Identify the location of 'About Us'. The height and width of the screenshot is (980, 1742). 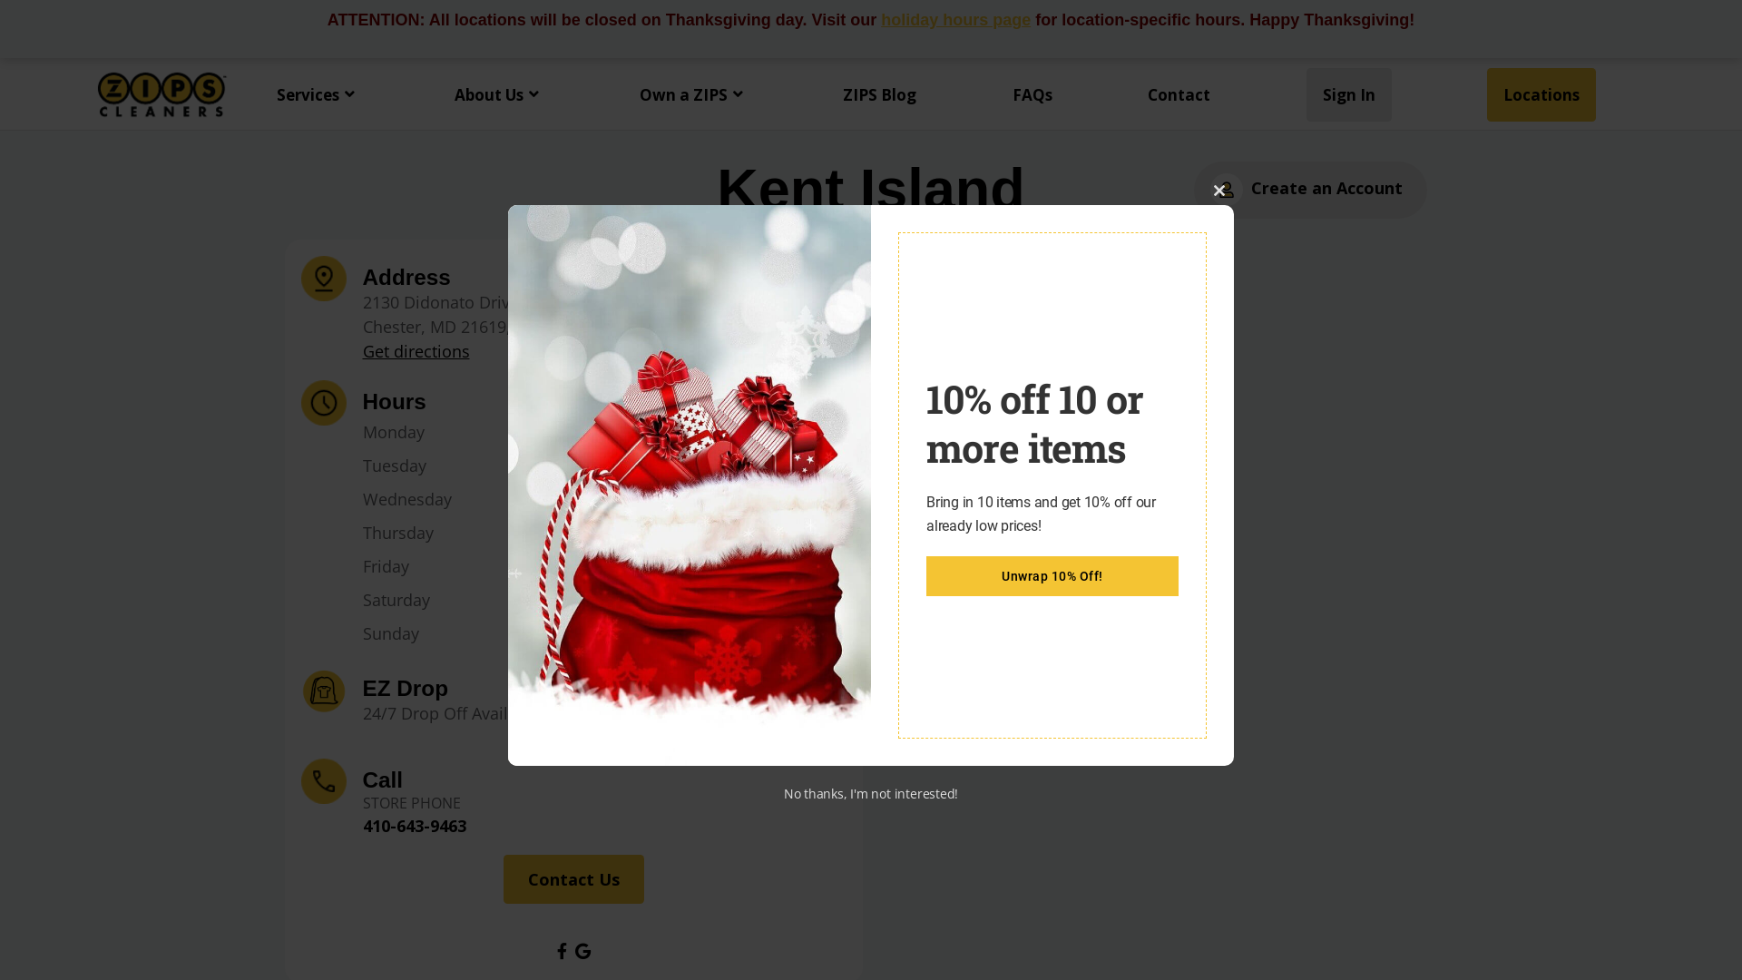
(454, 94).